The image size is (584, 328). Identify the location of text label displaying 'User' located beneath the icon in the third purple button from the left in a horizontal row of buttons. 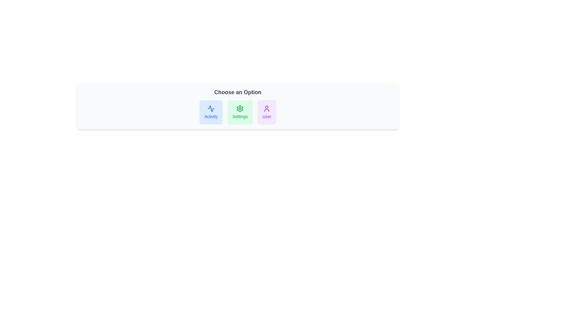
(267, 117).